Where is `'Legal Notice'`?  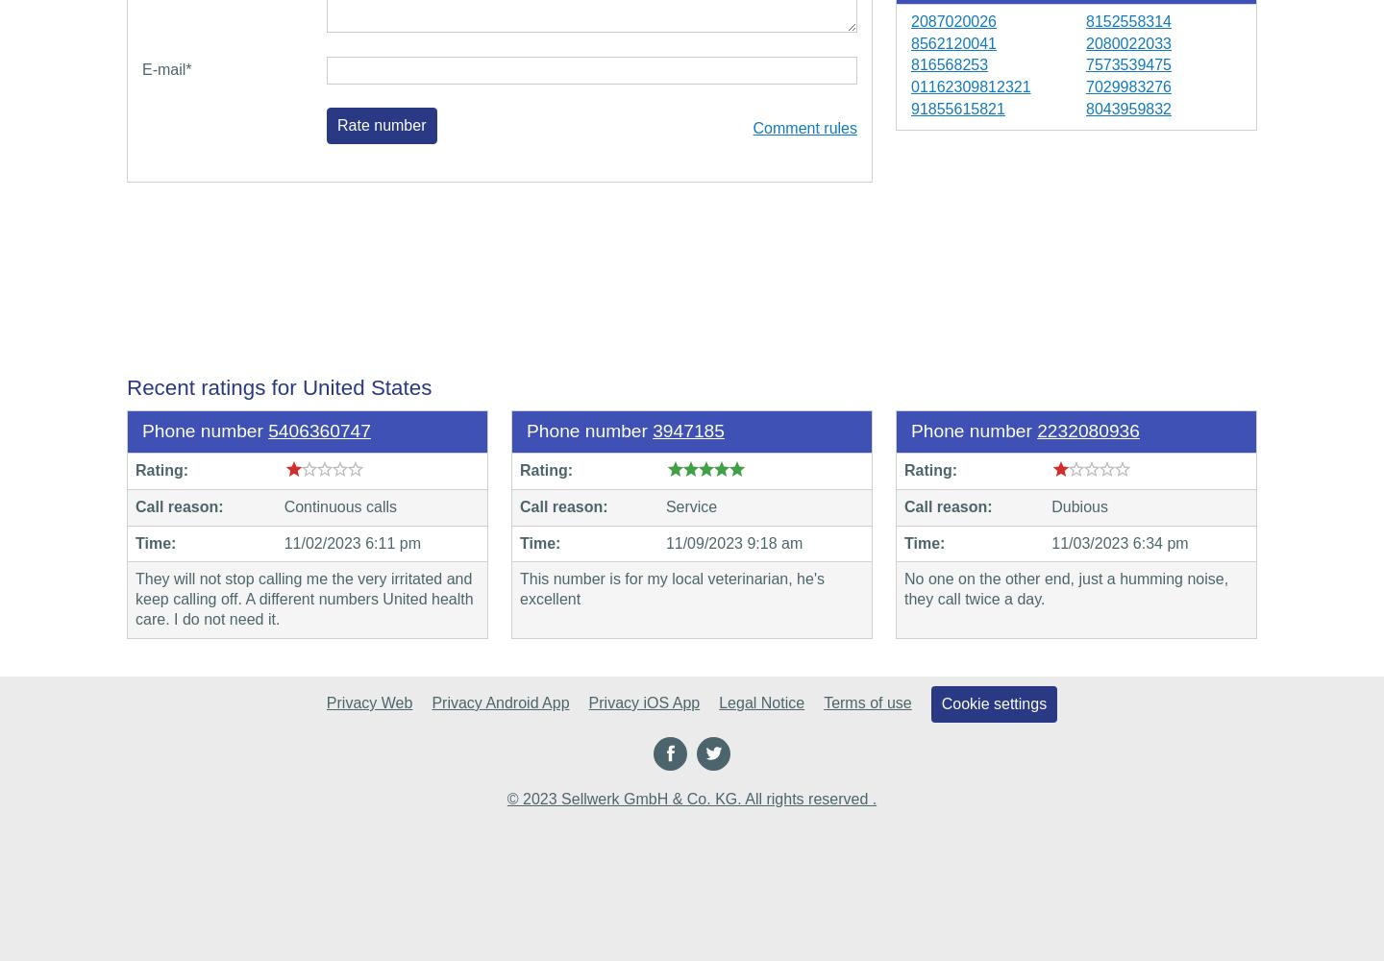 'Legal Notice' is located at coordinates (761, 702).